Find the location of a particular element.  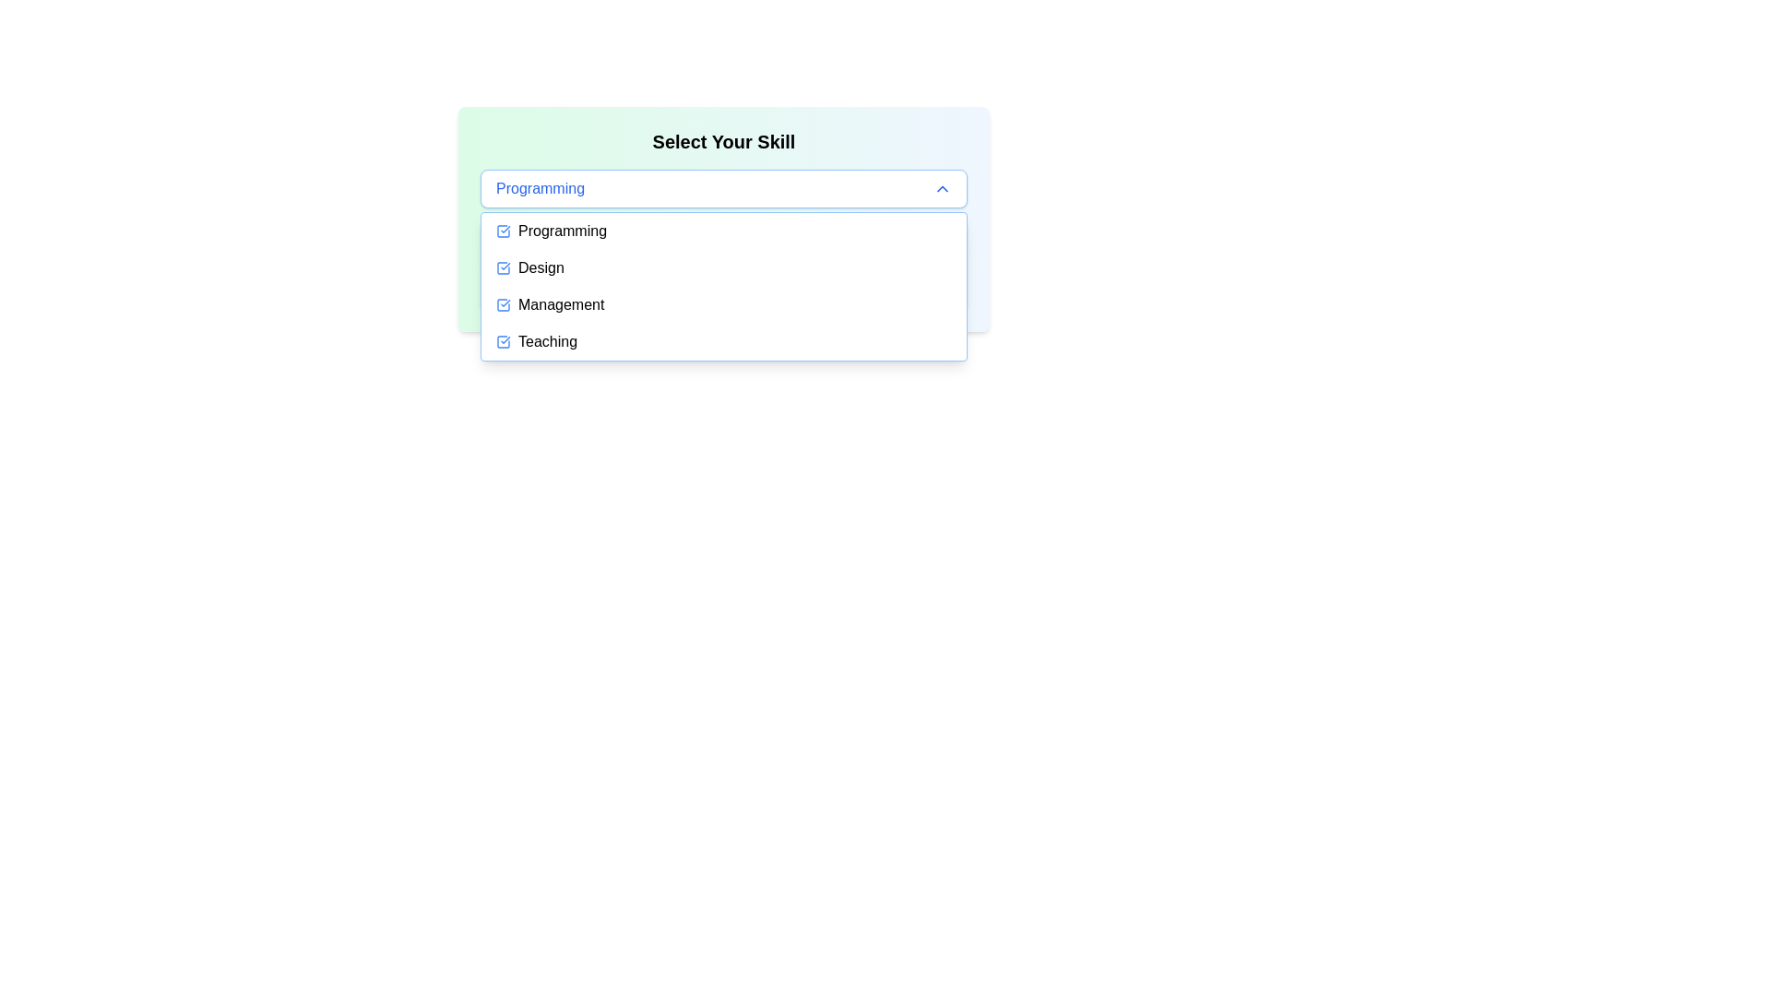

the 'Management' option in the dropdown menu by clicking on the active icon that indicates the selection of this option is located at coordinates (504, 304).